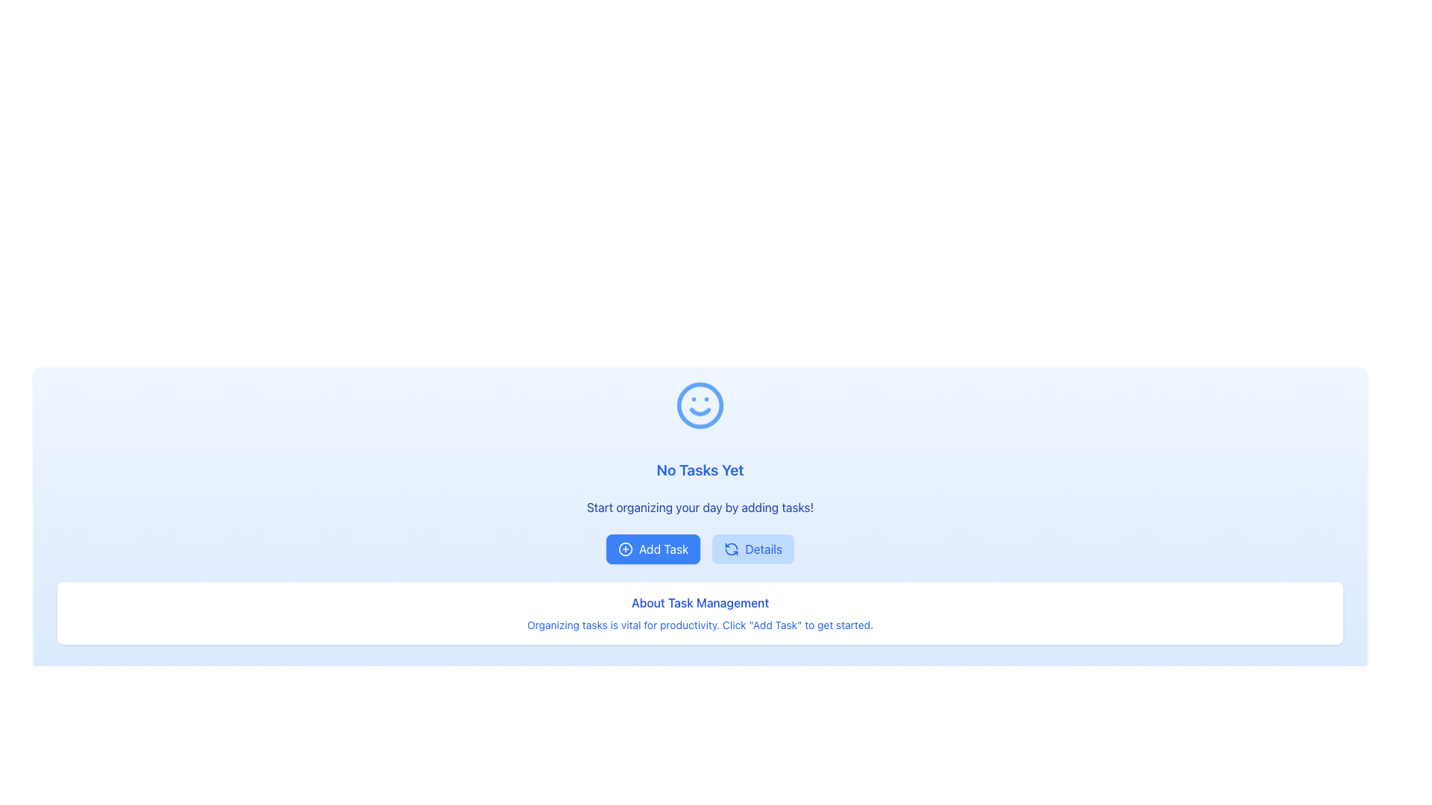 The image size is (1432, 805). I want to click on the circular blue outlined '+' icon located leftward of the 'Add Task' button, which is part of a group of controls including the 'Details' button, so click(626, 549).